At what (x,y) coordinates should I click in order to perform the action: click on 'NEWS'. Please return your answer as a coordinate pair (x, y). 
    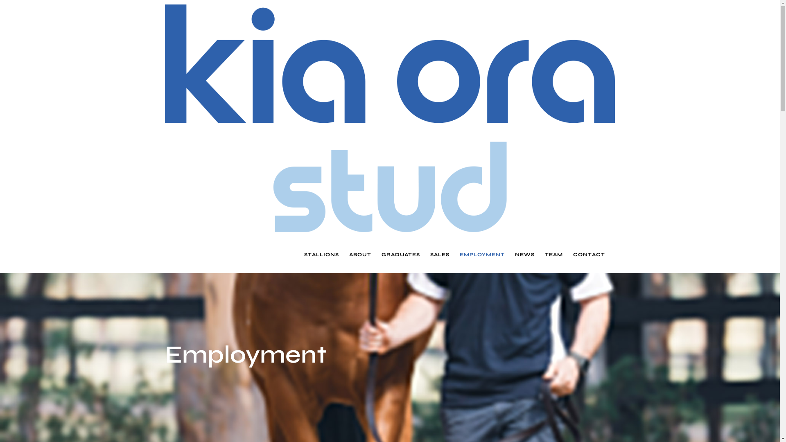
    Looking at the image, I should click on (524, 254).